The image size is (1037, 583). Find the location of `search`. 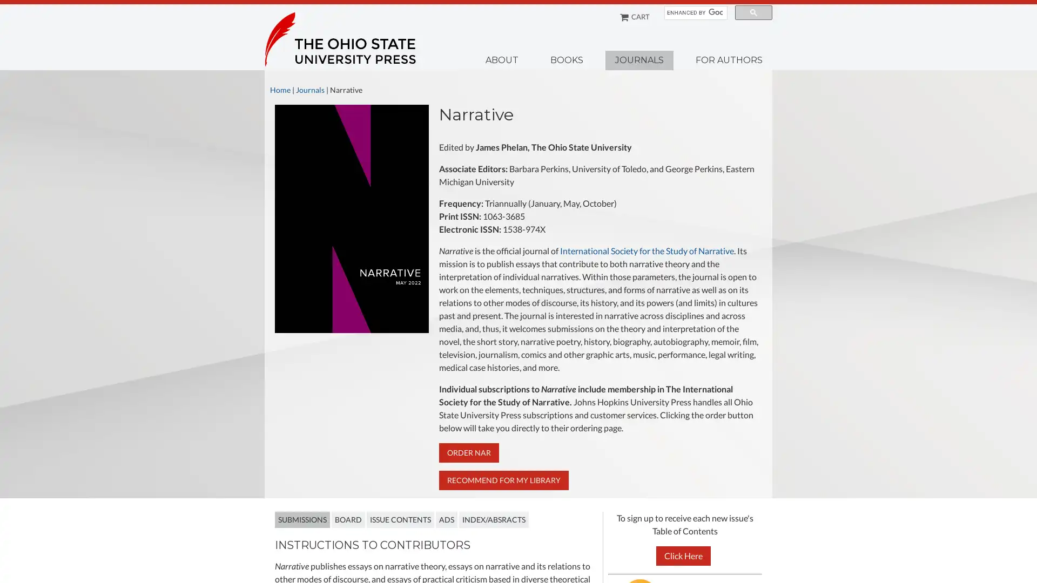

search is located at coordinates (753, 12).